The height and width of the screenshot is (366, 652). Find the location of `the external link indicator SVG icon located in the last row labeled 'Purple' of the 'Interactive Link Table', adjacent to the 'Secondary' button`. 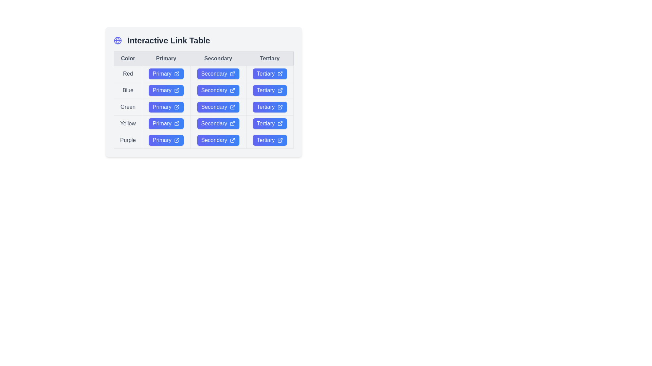

the external link indicator SVG icon located in the last row labeled 'Purple' of the 'Interactive Link Table', adjacent to the 'Secondary' button is located at coordinates (232, 140).